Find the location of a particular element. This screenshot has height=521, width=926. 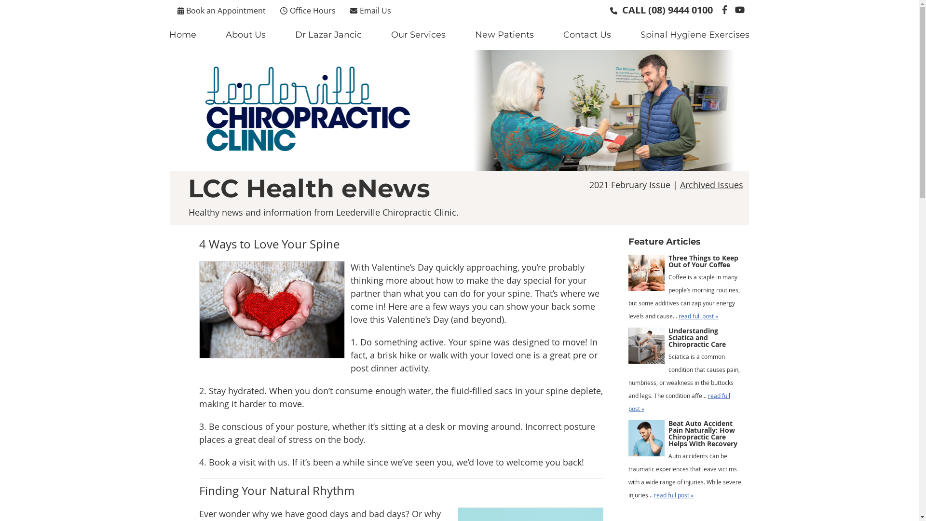

'Our Services' is located at coordinates (419, 34).